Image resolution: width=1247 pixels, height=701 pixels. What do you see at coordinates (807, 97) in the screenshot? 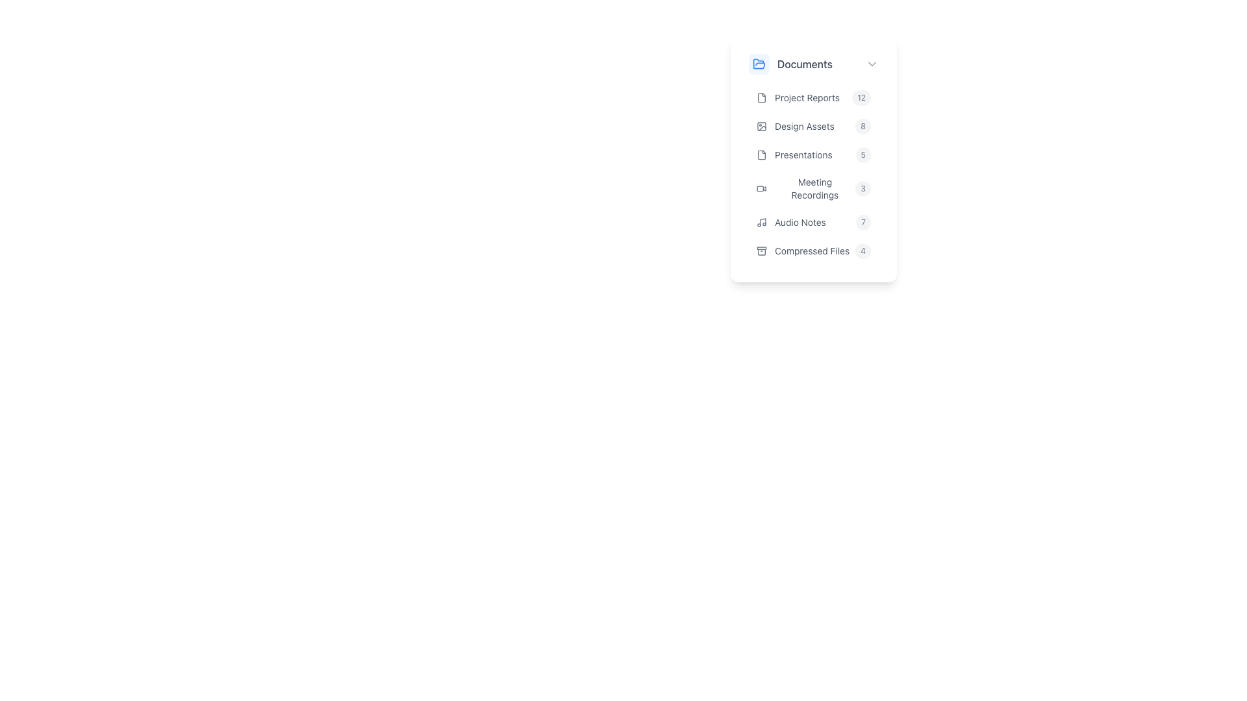
I see `the 'Project Reports' static text label located in the vertical menu under the 'Documents' header` at bounding box center [807, 97].